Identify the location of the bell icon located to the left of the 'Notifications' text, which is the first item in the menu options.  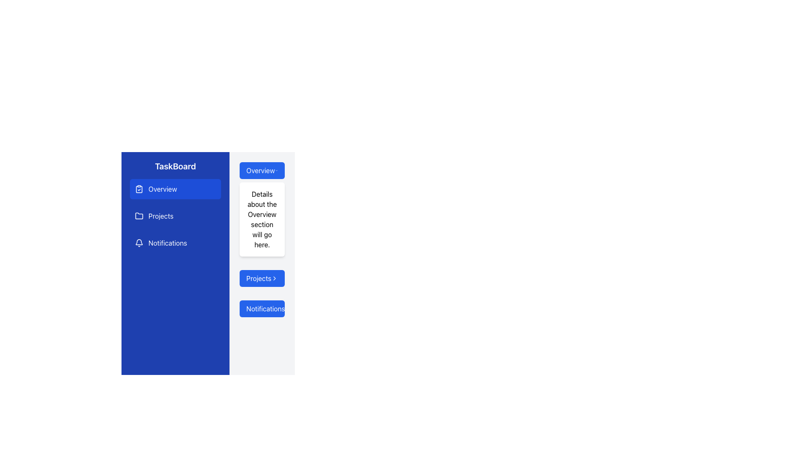
(139, 243).